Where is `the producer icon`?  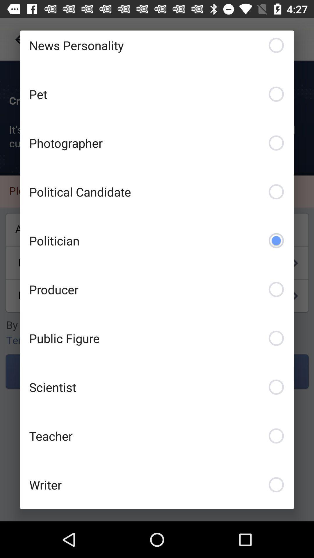 the producer icon is located at coordinates (157, 289).